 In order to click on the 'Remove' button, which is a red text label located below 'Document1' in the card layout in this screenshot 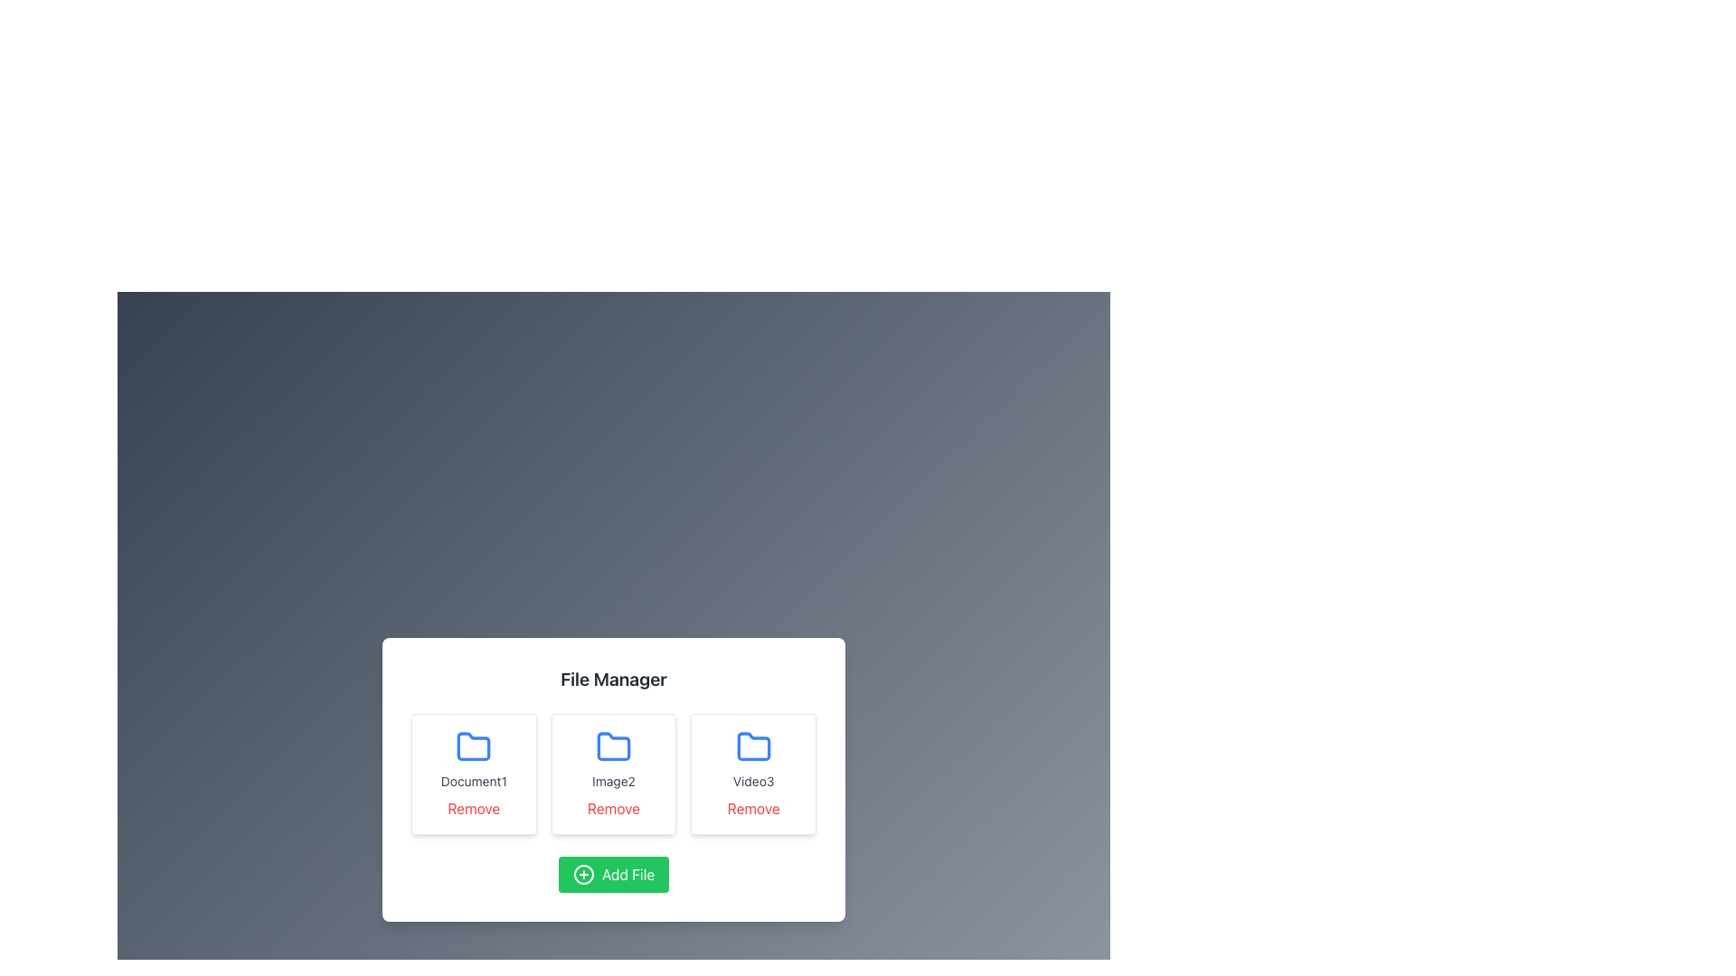, I will do `click(473, 807)`.